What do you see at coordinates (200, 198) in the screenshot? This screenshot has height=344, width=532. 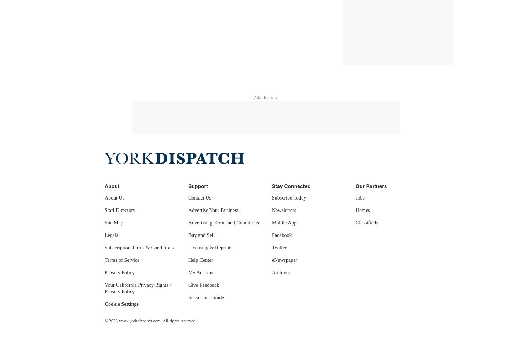 I see `'Contact Us'` at bounding box center [200, 198].